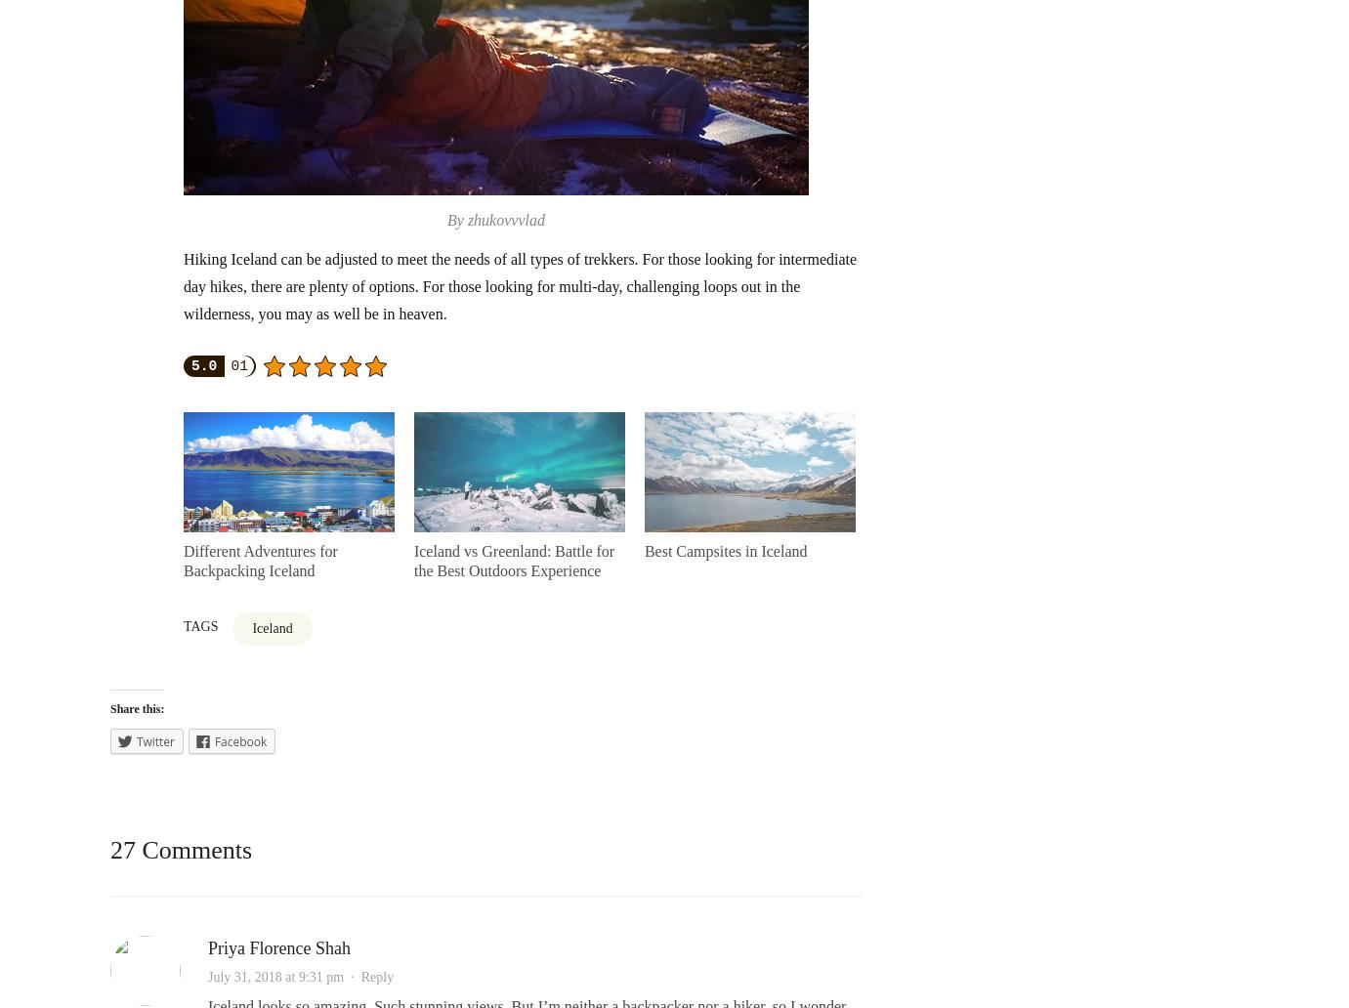  Describe the element at coordinates (376, 976) in the screenshot. I see `'Reply'` at that location.